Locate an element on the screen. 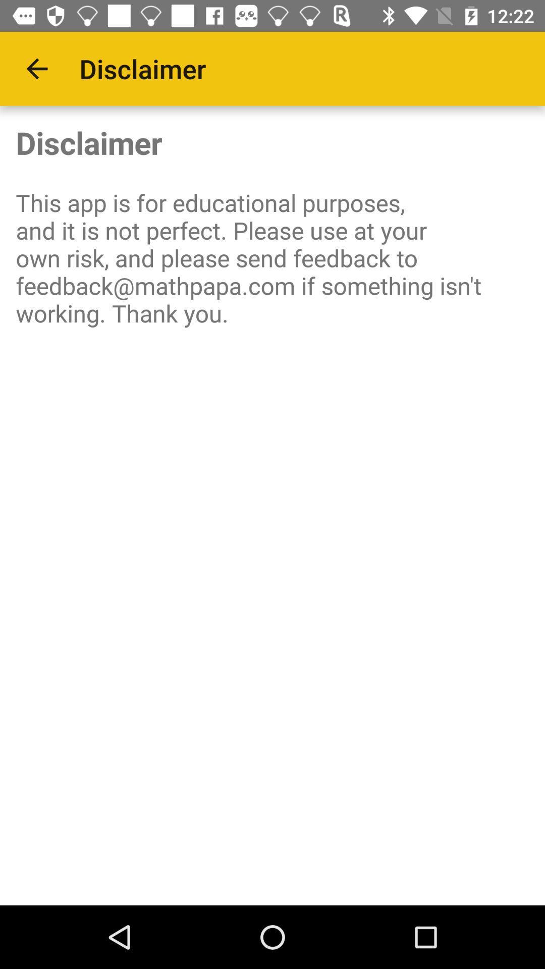 Image resolution: width=545 pixels, height=969 pixels. item above disclaimer this app is located at coordinates (36, 68).